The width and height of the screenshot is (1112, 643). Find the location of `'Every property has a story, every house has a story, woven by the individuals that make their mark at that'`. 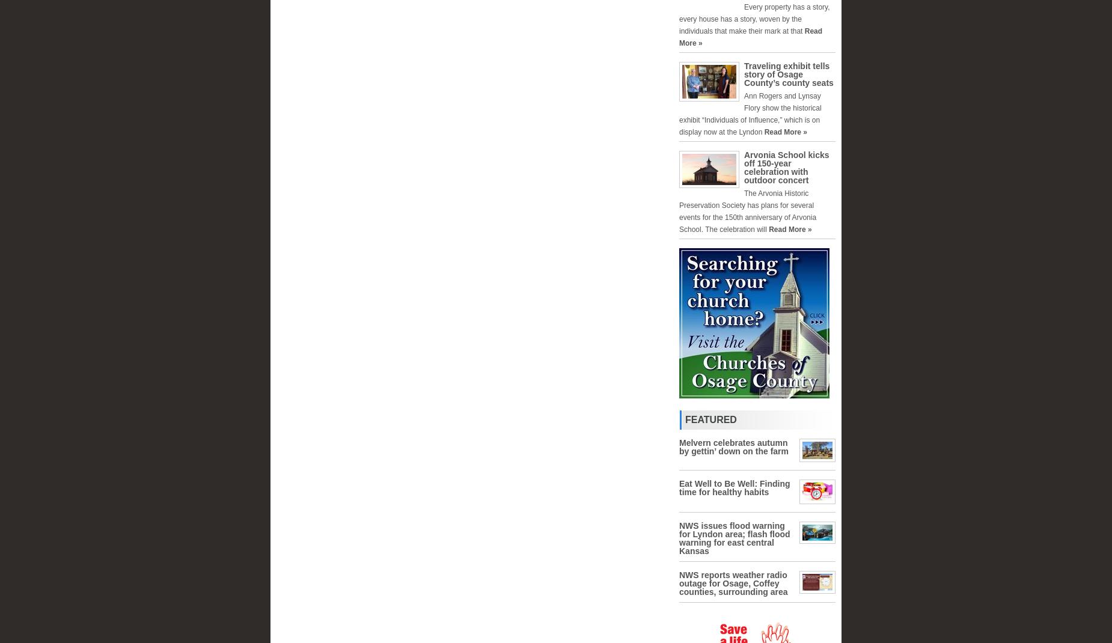

'Every property has a story, every house has a story, woven by the individuals that make their mark at that' is located at coordinates (754, 18).